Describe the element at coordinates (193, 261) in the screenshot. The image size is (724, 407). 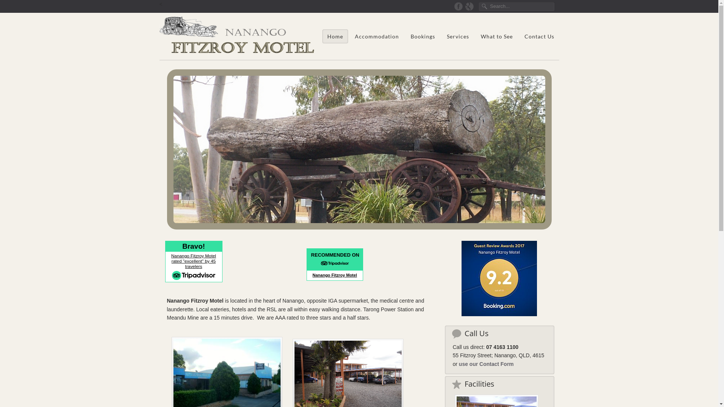
I see `'Nanango Fitzroy Motel rated "excellent" by 45 travelers'` at that location.